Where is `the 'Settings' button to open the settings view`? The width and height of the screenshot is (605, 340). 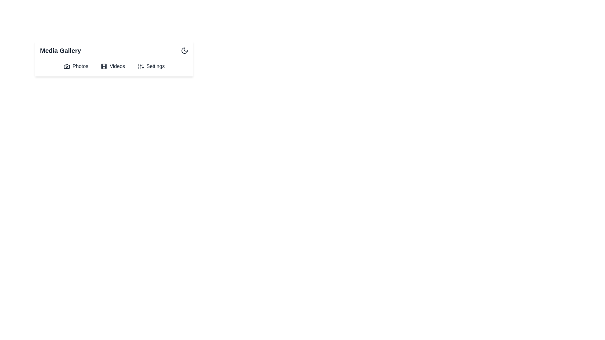 the 'Settings' button to open the settings view is located at coordinates (151, 66).